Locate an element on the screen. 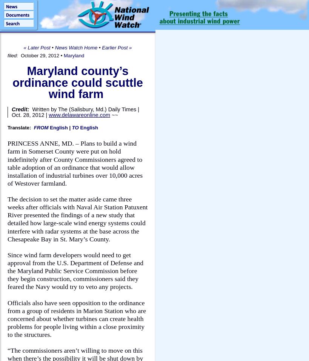  'October 29, 2012' is located at coordinates (20, 55).